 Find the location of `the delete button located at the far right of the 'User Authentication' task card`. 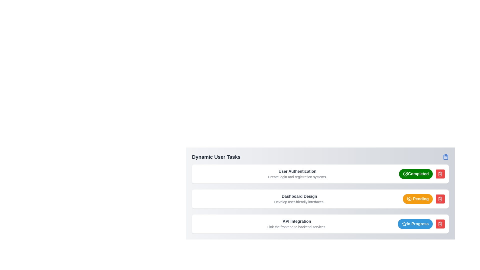

the delete button located at the far right of the 'User Authentication' task card is located at coordinates (440, 173).